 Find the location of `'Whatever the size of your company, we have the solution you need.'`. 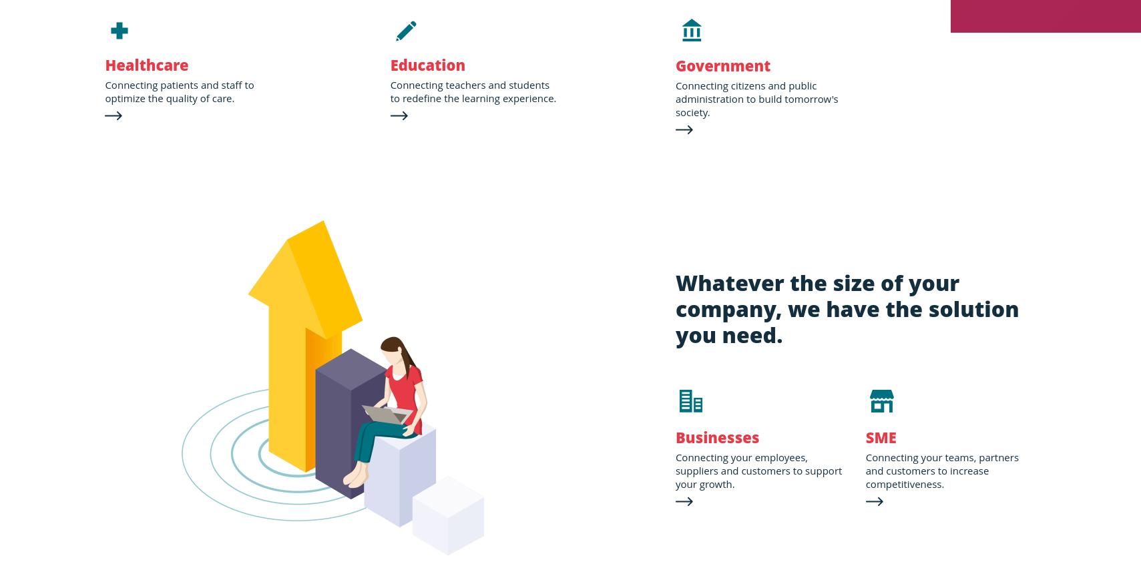

'Whatever the size of your company, we have the solution you need.' is located at coordinates (847, 308).